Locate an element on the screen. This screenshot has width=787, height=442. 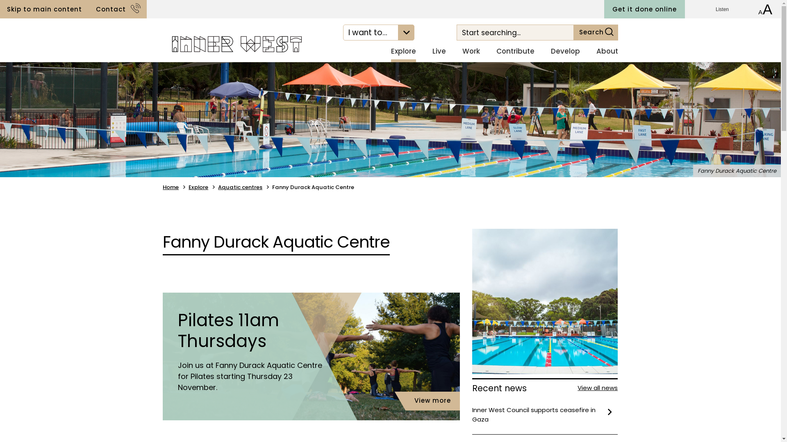
'Home' is located at coordinates (170, 187).